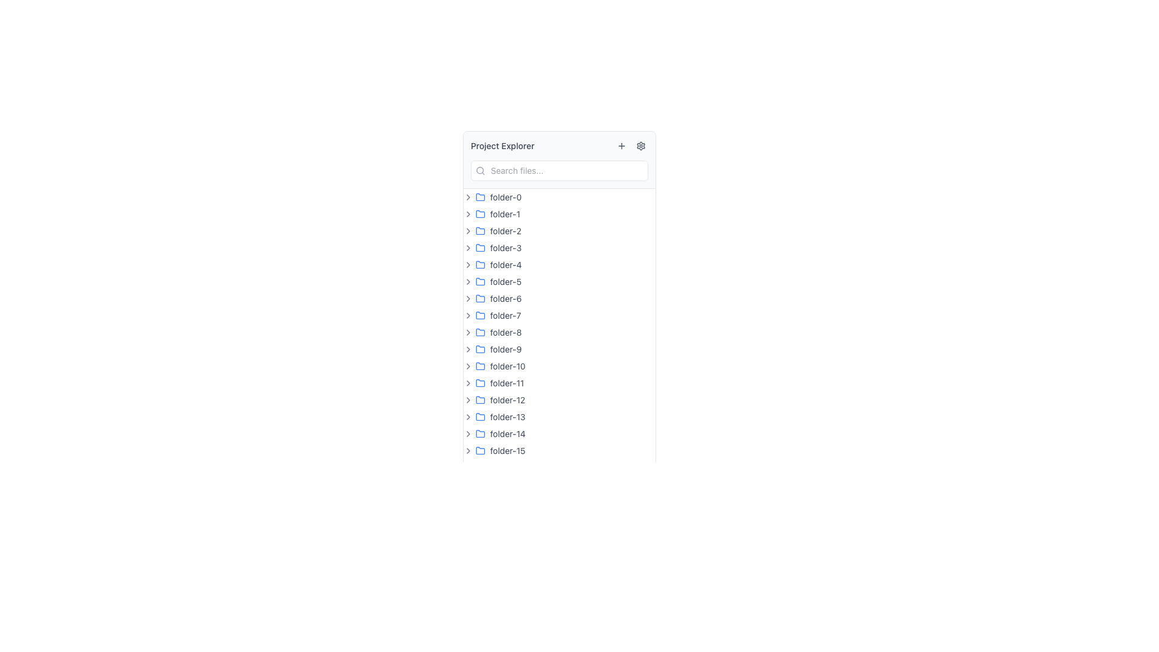 The height and width of the screenshot is (652, 1159). What do you see at coordinates (480, 333) in the screenshot?
I see `the blue folder icon labeled 'folder-8'` at bounding box center [480, 333].